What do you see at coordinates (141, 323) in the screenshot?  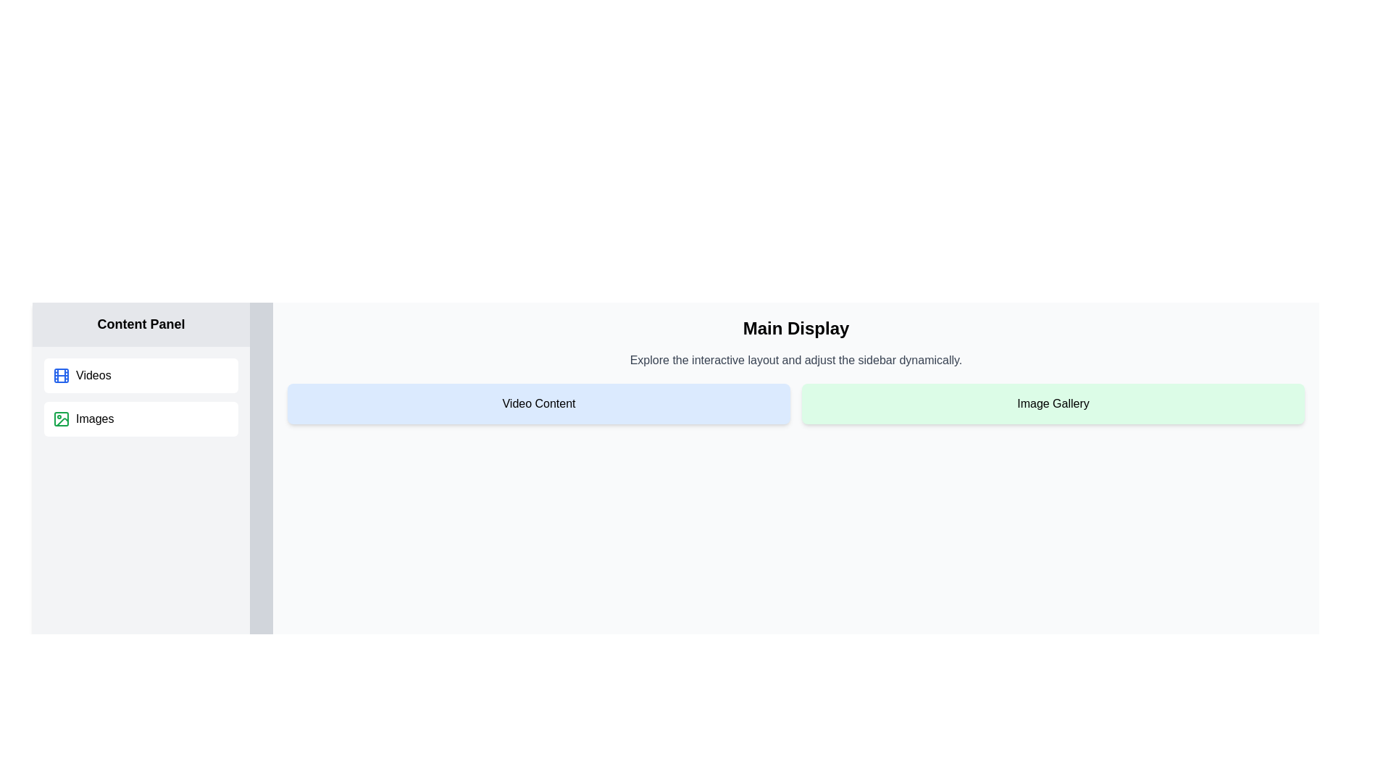 I see `the section header text label in the top section of the left navigation panel, which is located above the 'Videos' and 'Images' icons` at bounding box center [141, 323].